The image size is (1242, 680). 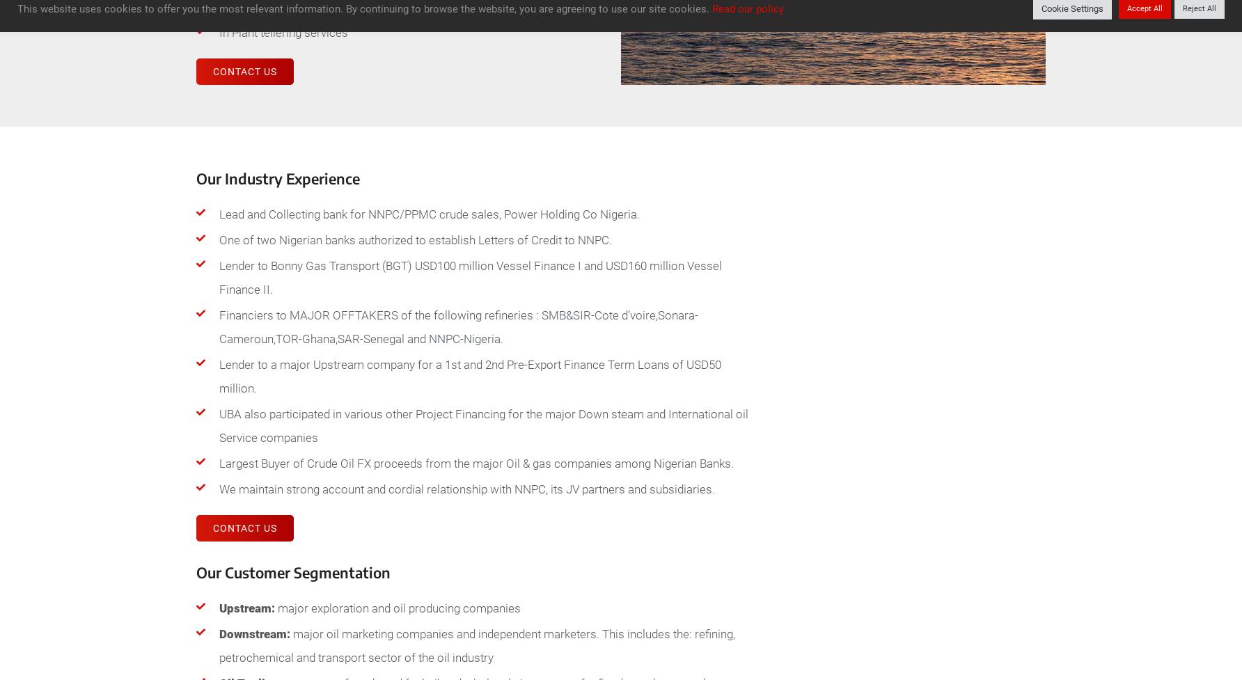 I want to click on 'Lender to Bonny Gas Transport (BGT) USD100 million Vessel Finance I and USD160 million Vessel Finance II.', so click(x=470, y=278).